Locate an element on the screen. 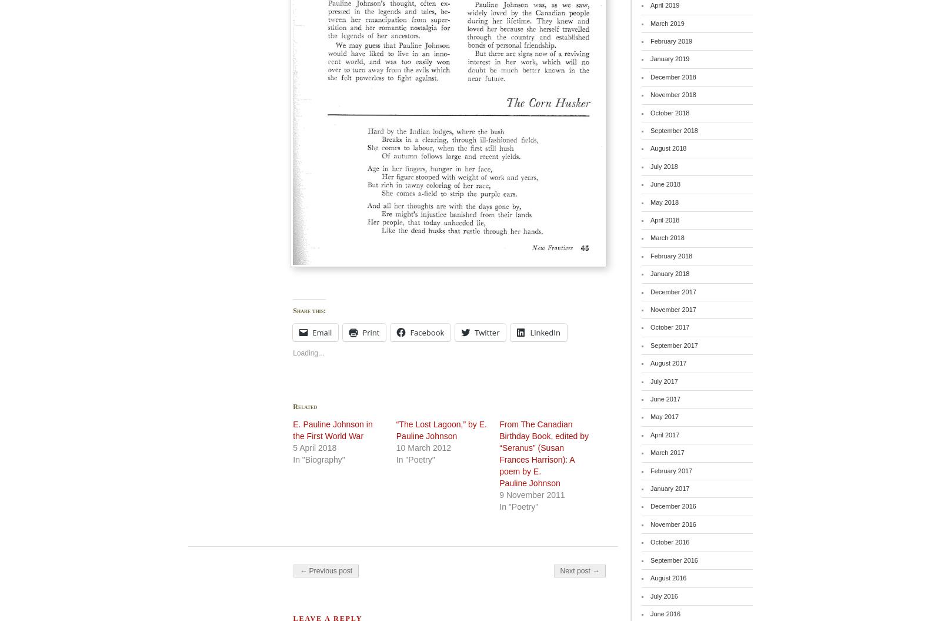 The height and width of the screenshot is (621, 941). 'March 2018' is located at coordinates (667, 237).